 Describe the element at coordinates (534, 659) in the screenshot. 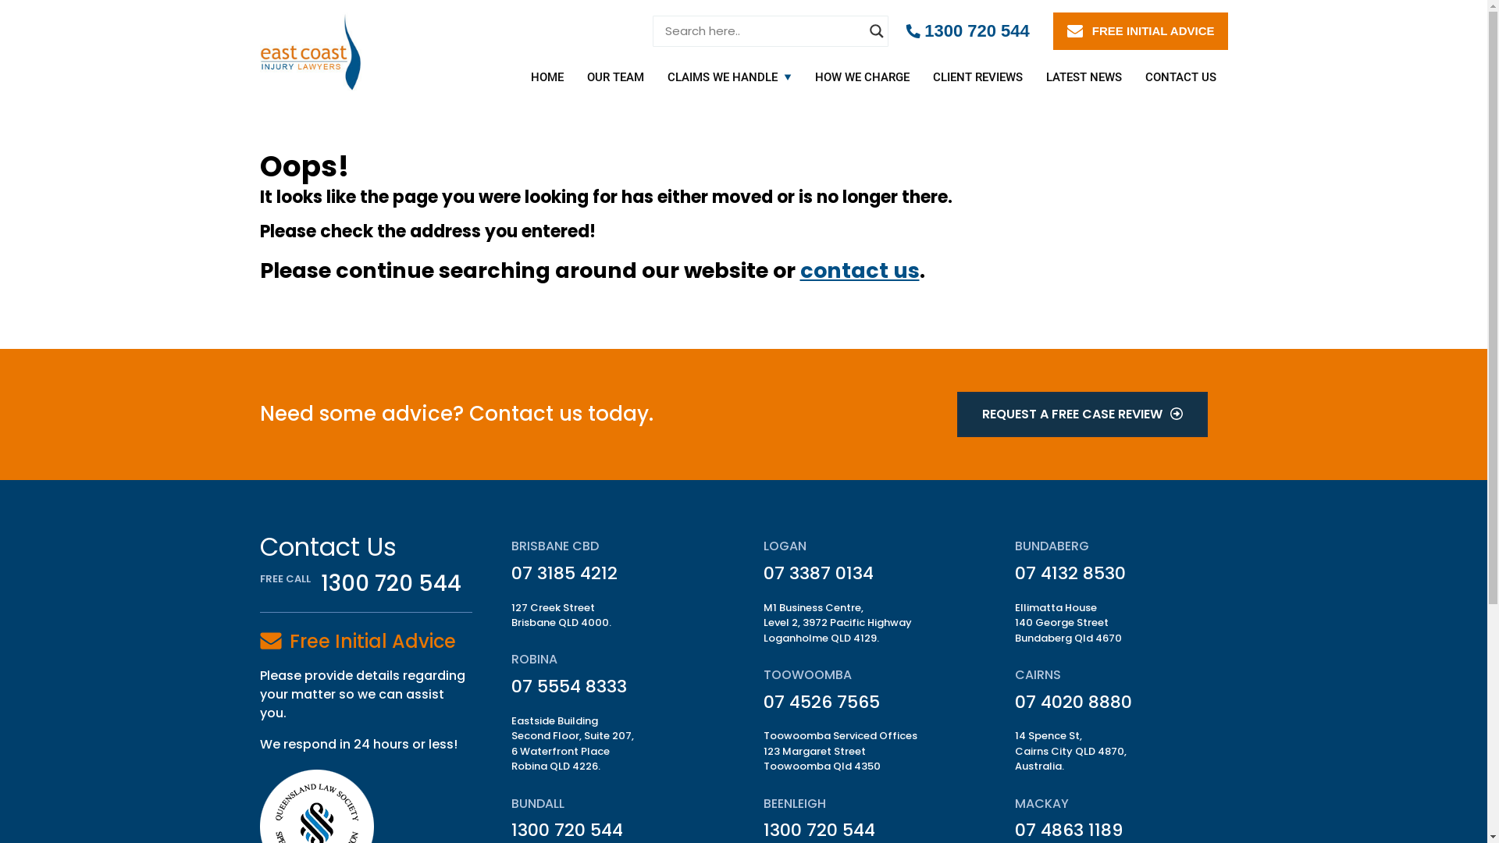

I see `'ROBINA'` at that location.